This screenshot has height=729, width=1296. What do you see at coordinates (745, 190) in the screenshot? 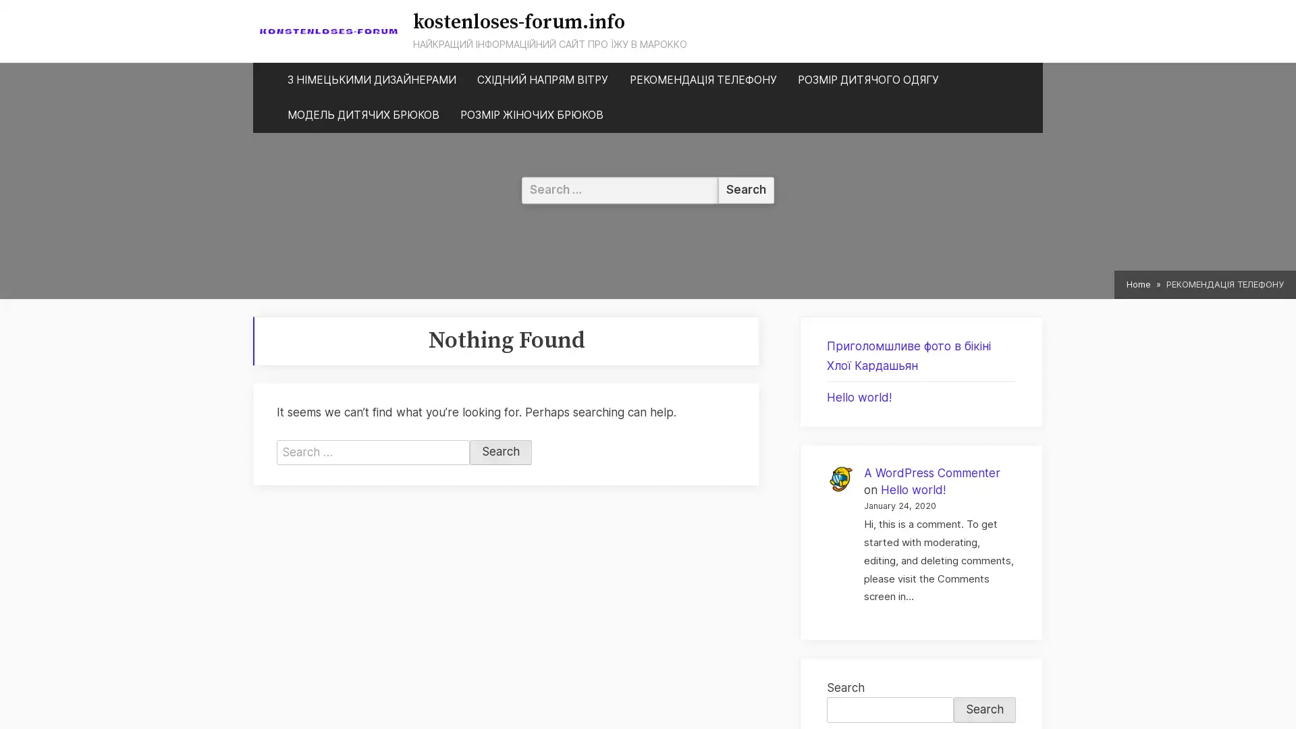
I see `Search` at bounding box center [745, 190].